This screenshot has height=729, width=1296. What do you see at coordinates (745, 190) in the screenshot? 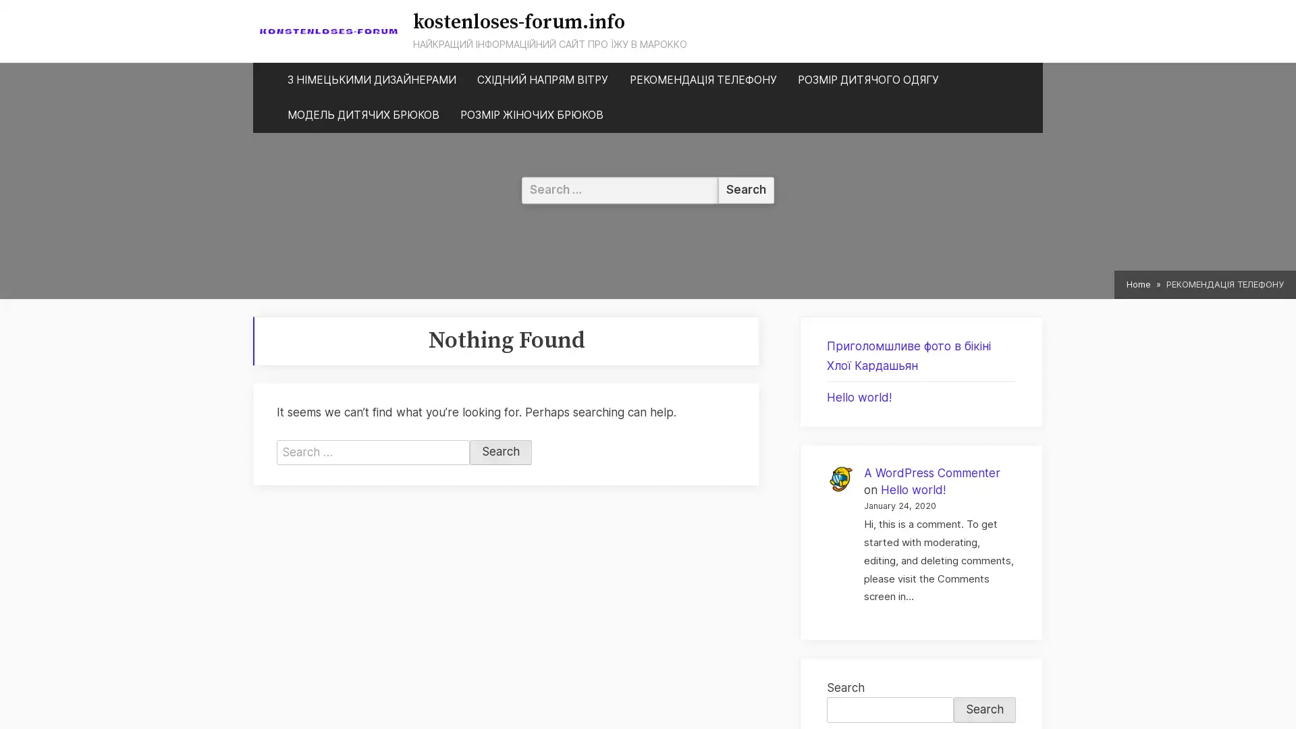
I see `Search` at bounding box center [745, 190].